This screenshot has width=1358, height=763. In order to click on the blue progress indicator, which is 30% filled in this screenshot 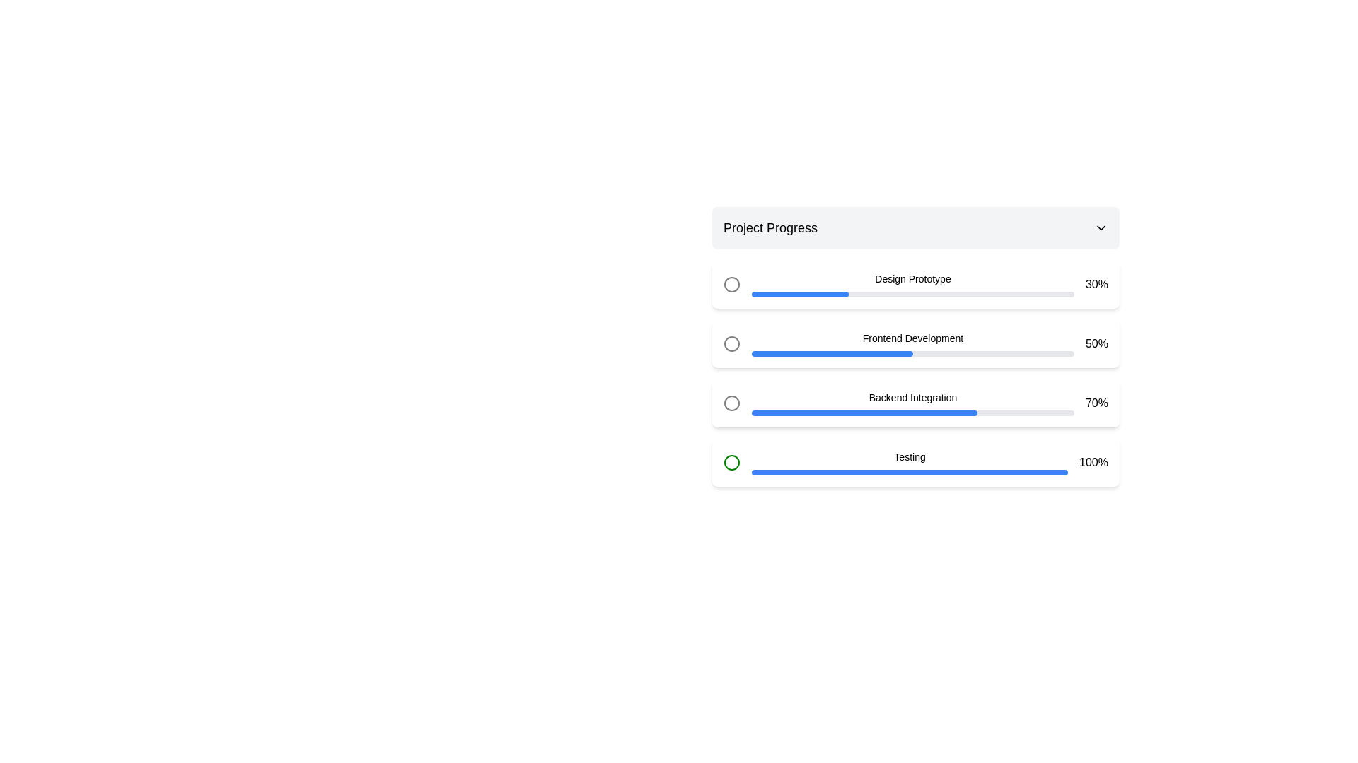, I will do `click(800, 293)`.